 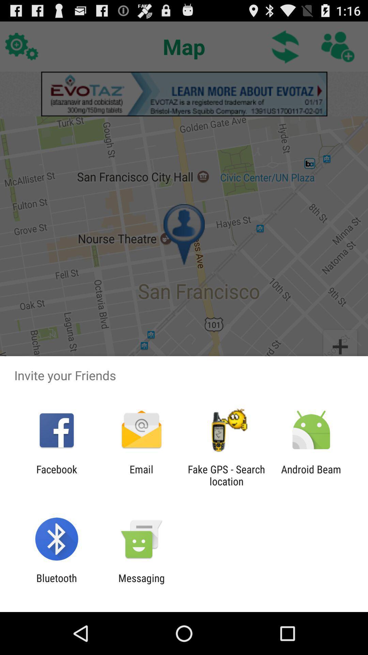 What do you see at coordinates (141, 475) in the screenshot?
I see `the item to the left of fake gps search item` at bounding box center [141, 475].